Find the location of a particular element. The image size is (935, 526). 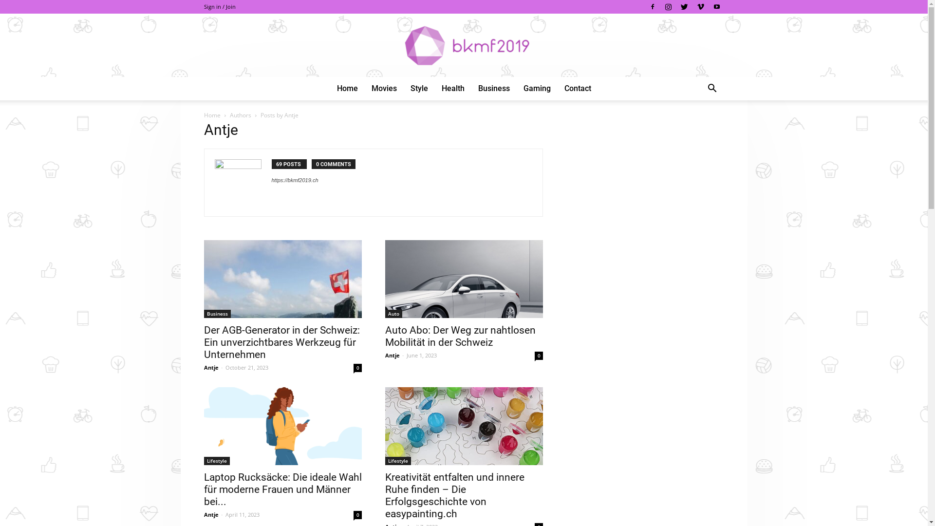

'Contact' is located at coordinates (577, 88).